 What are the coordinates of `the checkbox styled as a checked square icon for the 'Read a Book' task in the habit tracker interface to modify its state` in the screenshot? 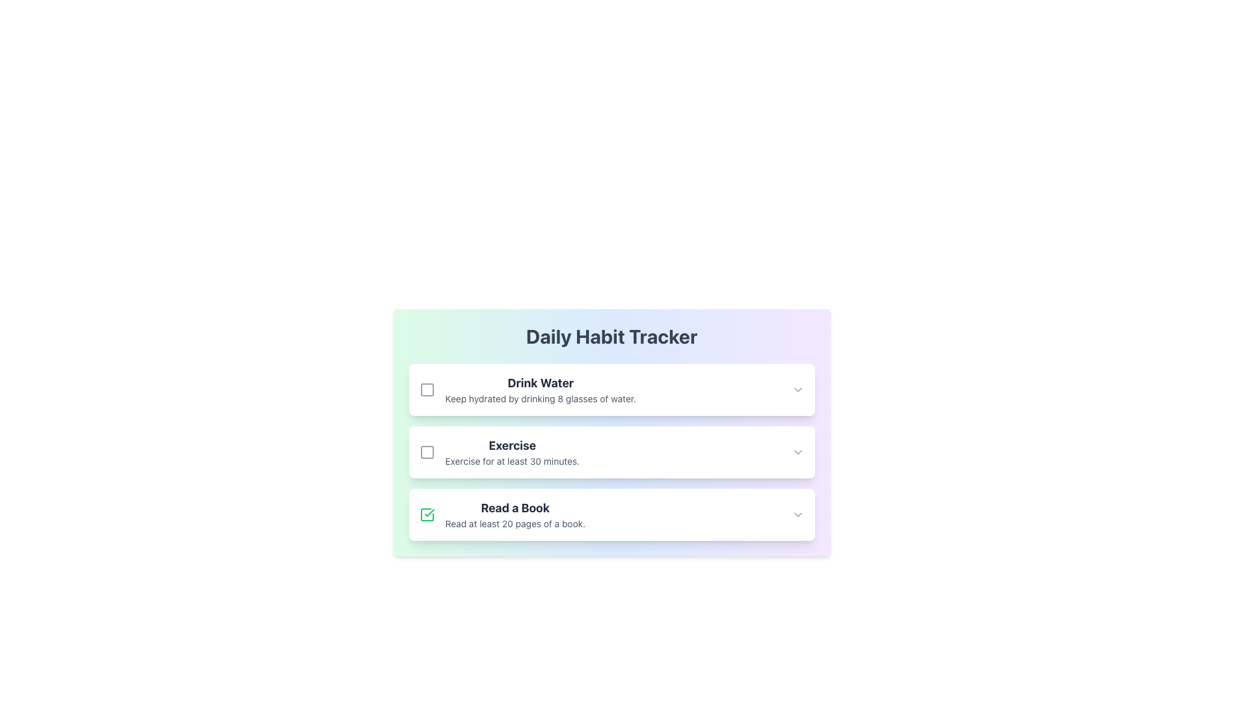 It's located at (427, 514).